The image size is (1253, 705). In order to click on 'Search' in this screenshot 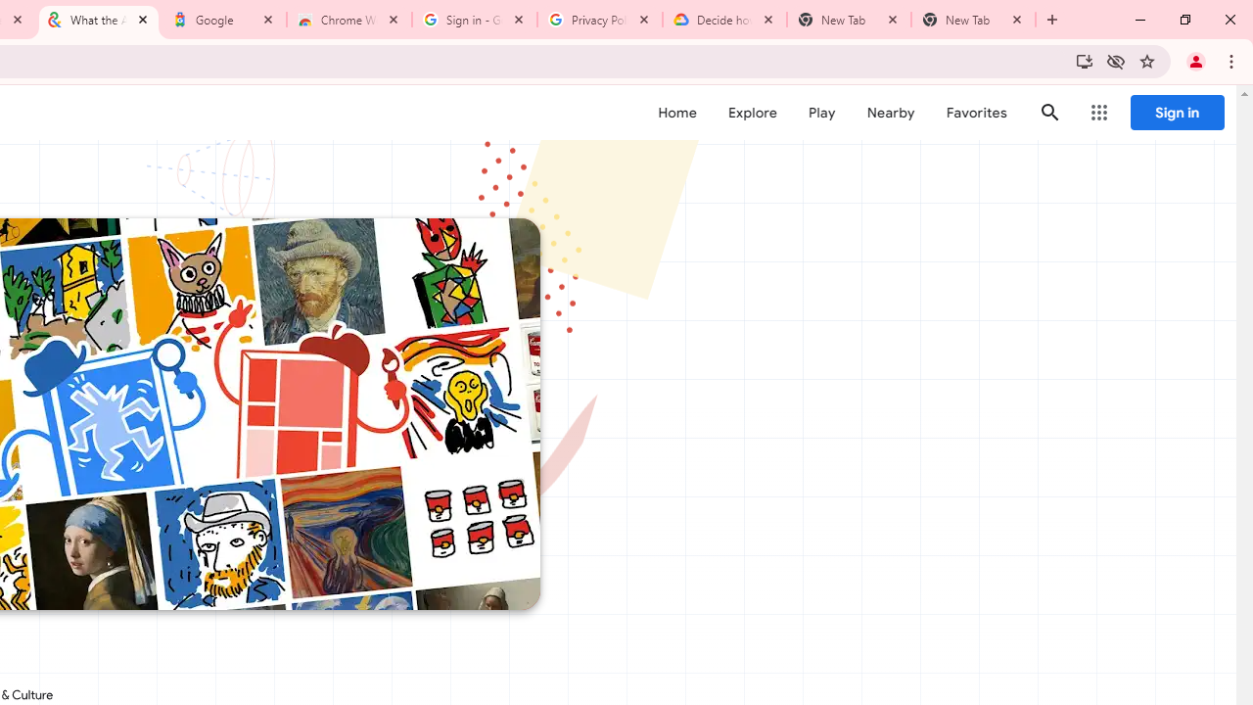, I will do `click(1049, 112)`.